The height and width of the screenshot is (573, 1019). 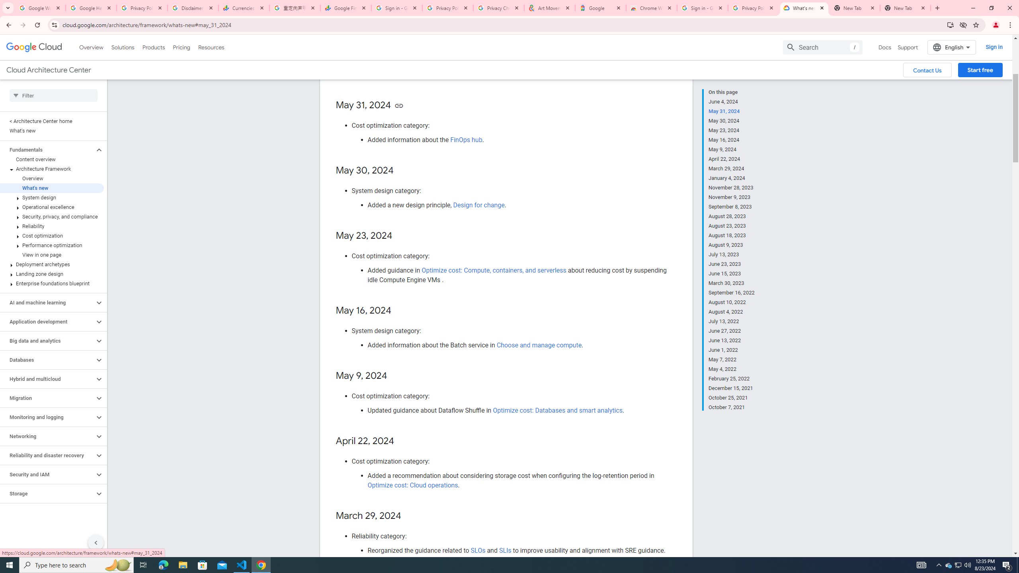 What do you see at coordinates (53, 95) in the screenshot?
I see `'Type to filter'` at bounding box center [53, 95].